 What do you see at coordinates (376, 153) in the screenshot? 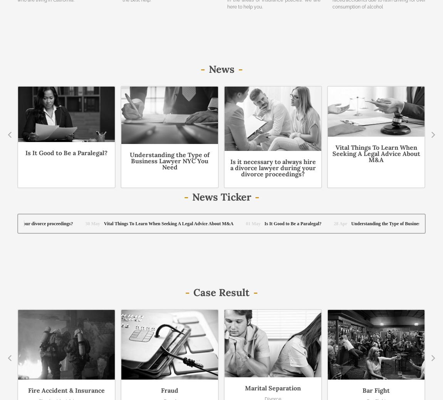
I see `'Vital Things To Learn When Seeking A Legal Advice About M&A'` at bounding box center [376, 153].